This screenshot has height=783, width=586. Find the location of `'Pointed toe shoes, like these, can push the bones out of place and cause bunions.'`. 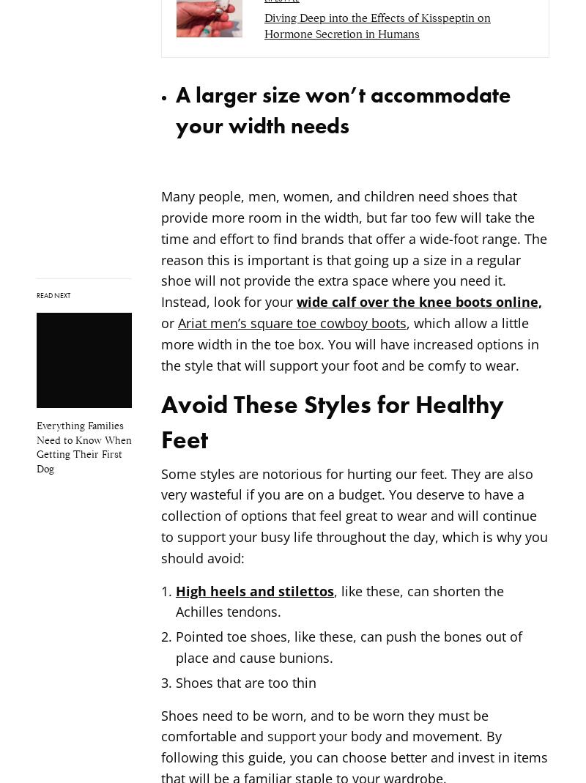

'Pointed toe shoes, like these, can push the bones out of place and cause bunions.' is located at coordinates (349, 645).